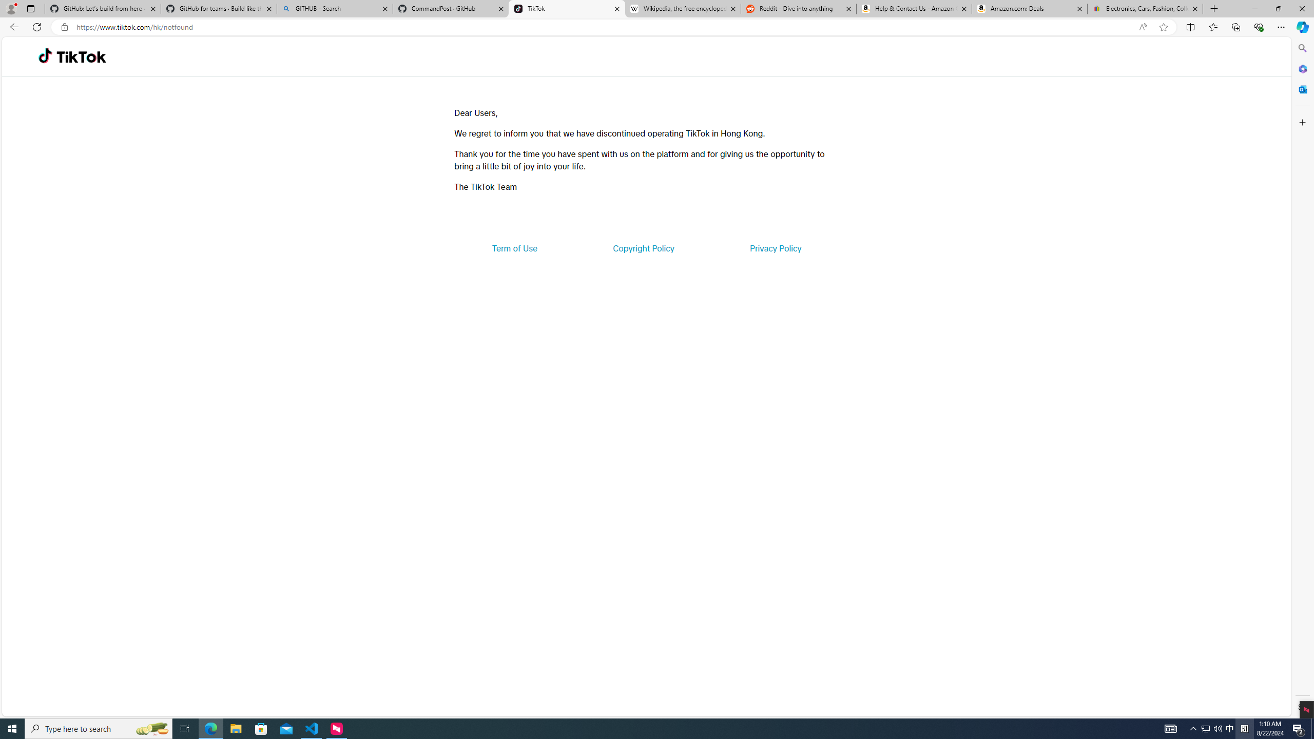 This screenshot has width=1314, height=739. I want to click on 'Side bar', so click(1302, 377).